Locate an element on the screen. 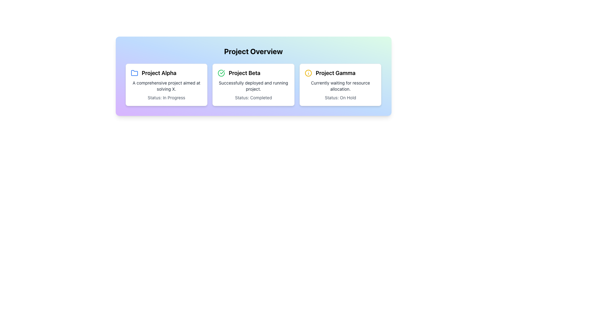 The width and height of the screenshot is (591, 332). the Text label indicating the status of the project ('Completed') located underneath the text 'Successfully deployed and running project.' in the card labeled 'Project Beta' is located at coordinates (253, 97).